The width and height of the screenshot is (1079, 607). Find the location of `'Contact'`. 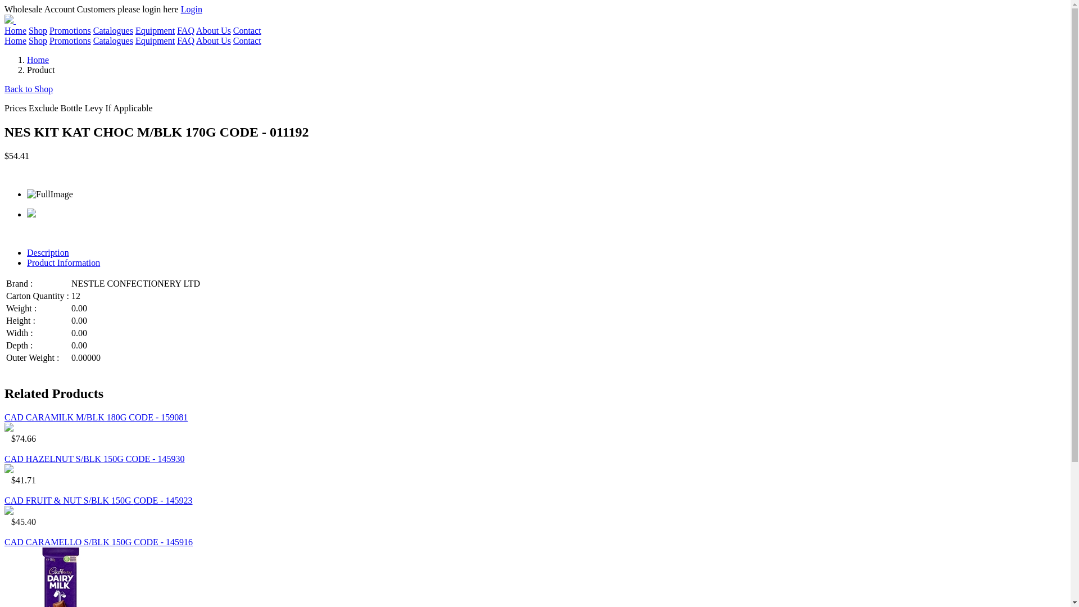

'Contact' is located at coordinates (232, 30).